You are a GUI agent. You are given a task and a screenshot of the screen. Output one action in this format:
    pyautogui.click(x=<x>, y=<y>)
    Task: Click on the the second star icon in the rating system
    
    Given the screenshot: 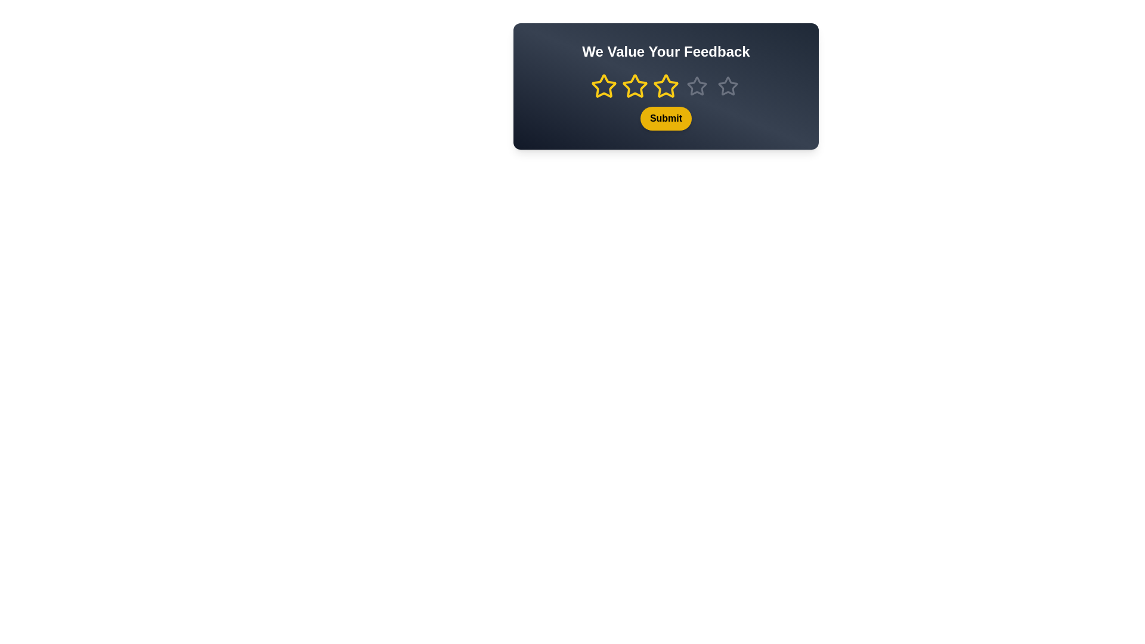 What is the action you would take?
    pyautogui.click(x=634, y=85)
    